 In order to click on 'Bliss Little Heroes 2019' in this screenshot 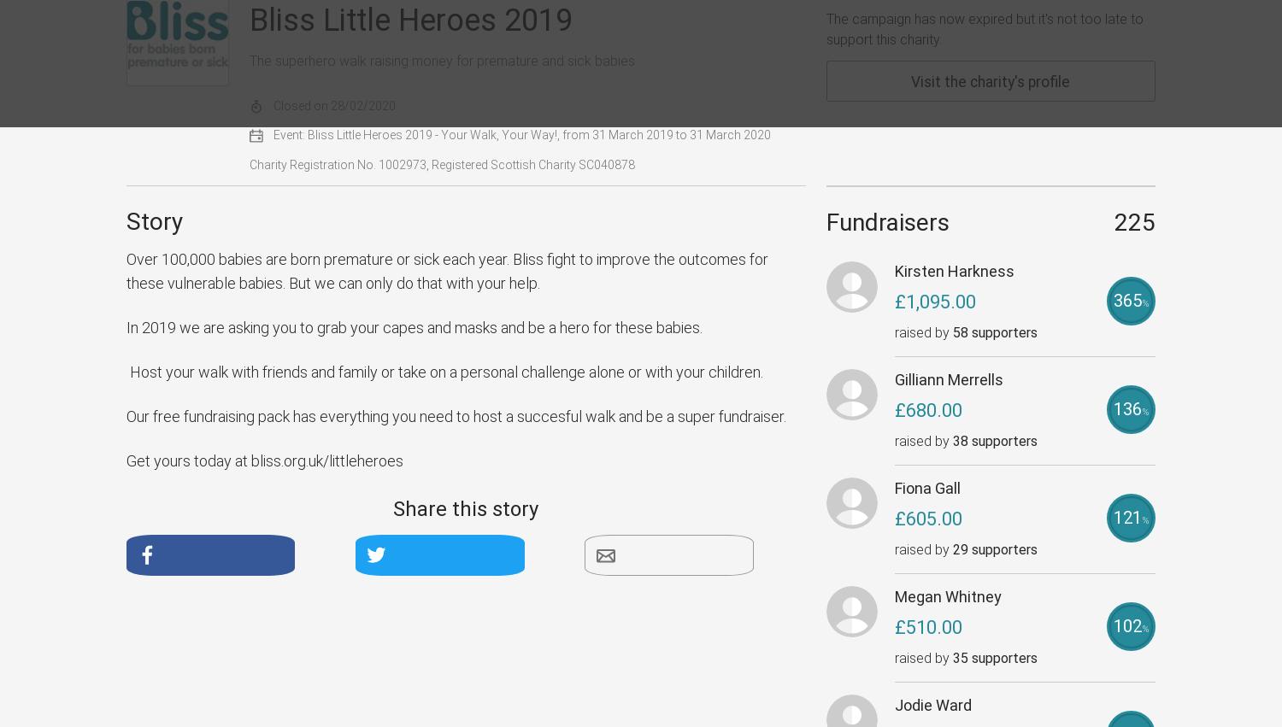, I will do `click(410, 19)`.